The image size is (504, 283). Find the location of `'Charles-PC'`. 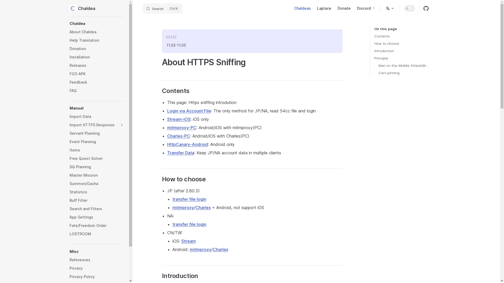

'Charles-PC' is located at coordinates (178, 136).